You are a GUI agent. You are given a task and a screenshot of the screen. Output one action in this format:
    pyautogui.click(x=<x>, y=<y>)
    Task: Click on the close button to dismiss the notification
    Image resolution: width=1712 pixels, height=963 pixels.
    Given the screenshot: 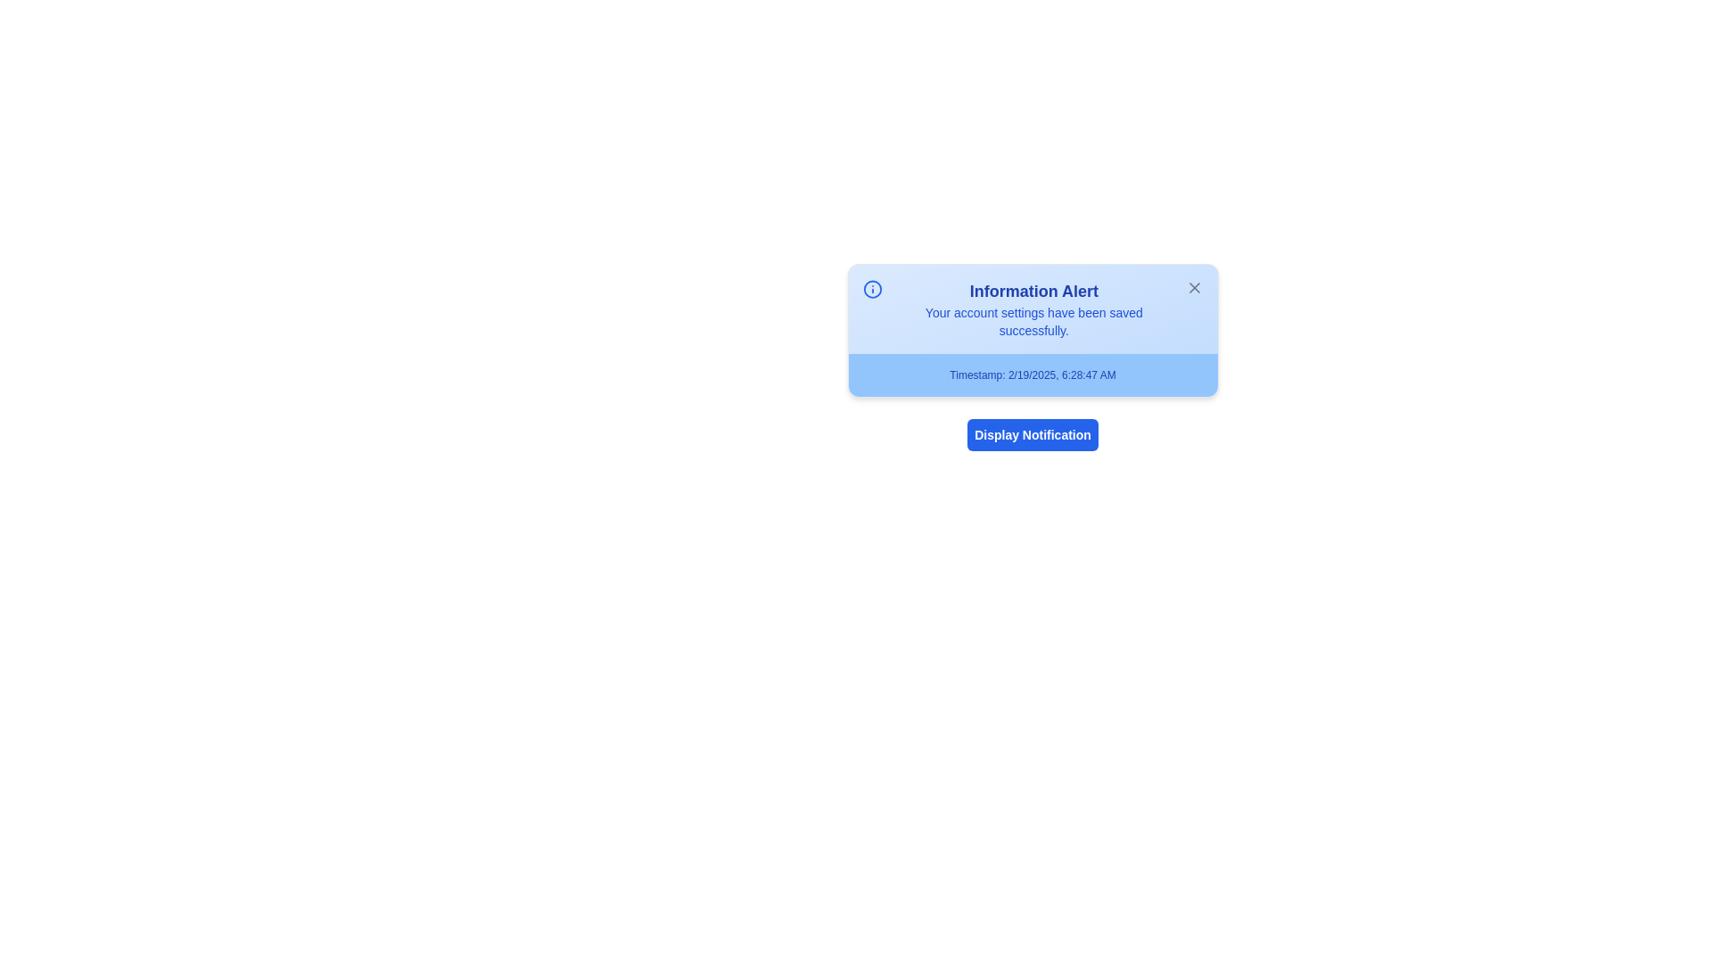 What is the action you would take?
    pyautogui.click(x=1194, y=287)
    